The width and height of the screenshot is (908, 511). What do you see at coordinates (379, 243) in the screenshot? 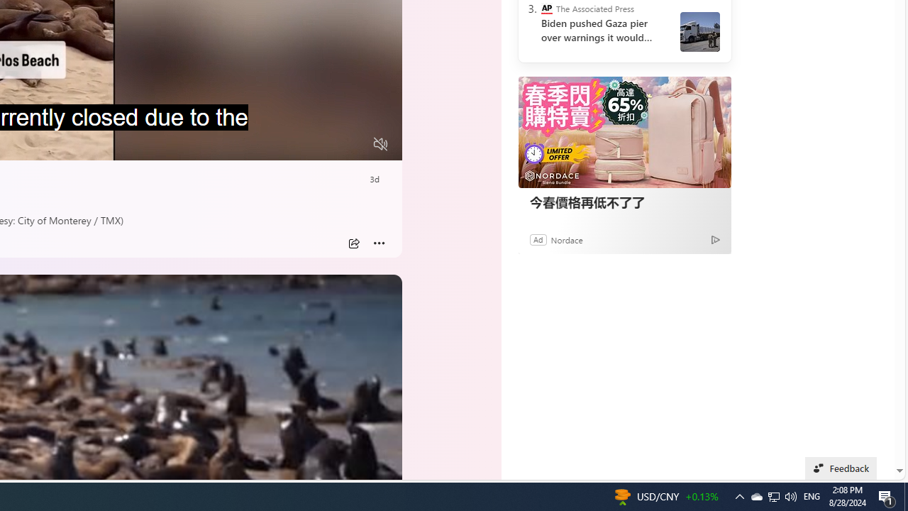
I see `'More'` at bounding box center [379, 243].